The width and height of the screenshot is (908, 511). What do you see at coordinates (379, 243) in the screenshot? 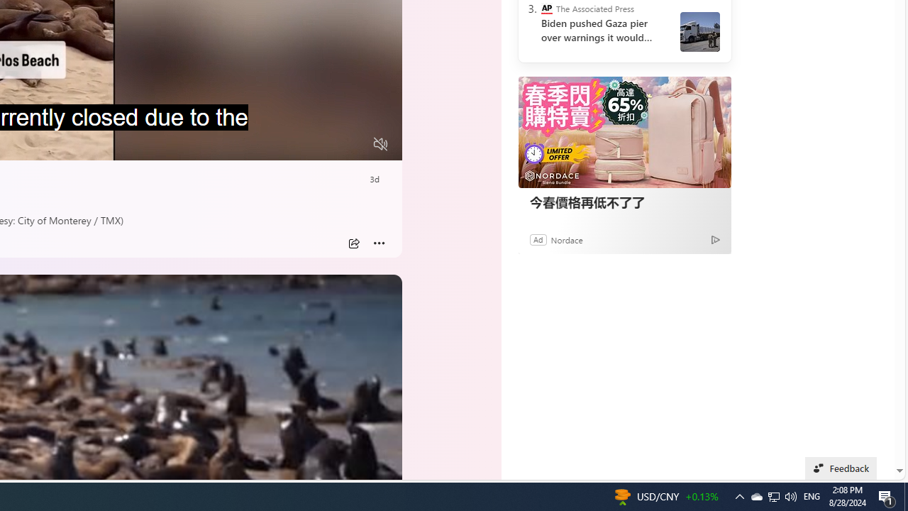
I see `'More'` at bounding box center [379, 243].